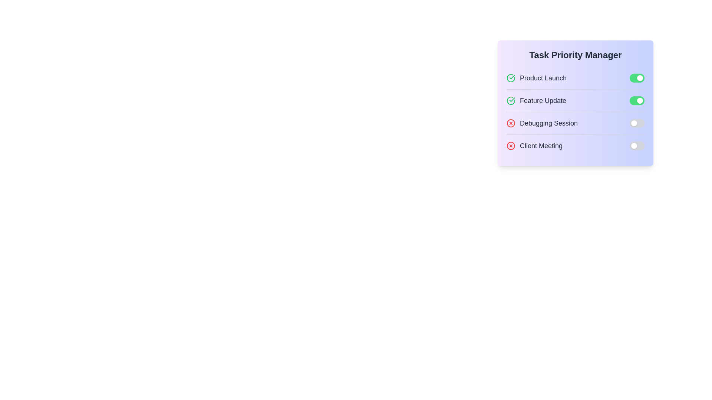 The height and width of the screenshot is (400, 712). What do you see at coordinates (536, 78) in the screenshot?
I see `the task with title Product Launch` at bounding box center [536, 78].